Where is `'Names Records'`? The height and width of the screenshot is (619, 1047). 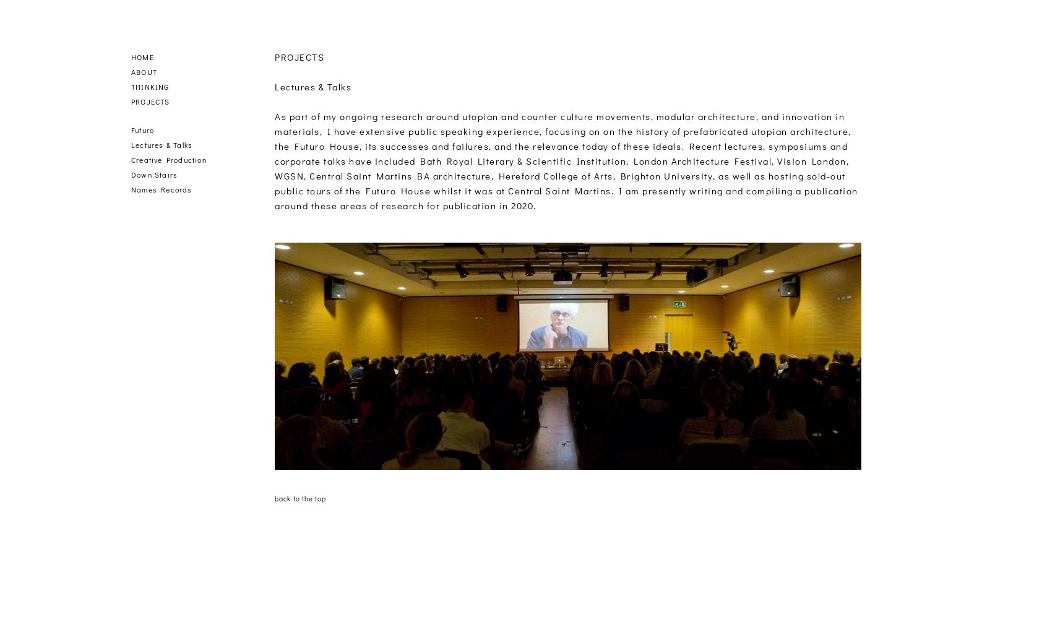
'Names Records' is located at coordinates (131, 189).